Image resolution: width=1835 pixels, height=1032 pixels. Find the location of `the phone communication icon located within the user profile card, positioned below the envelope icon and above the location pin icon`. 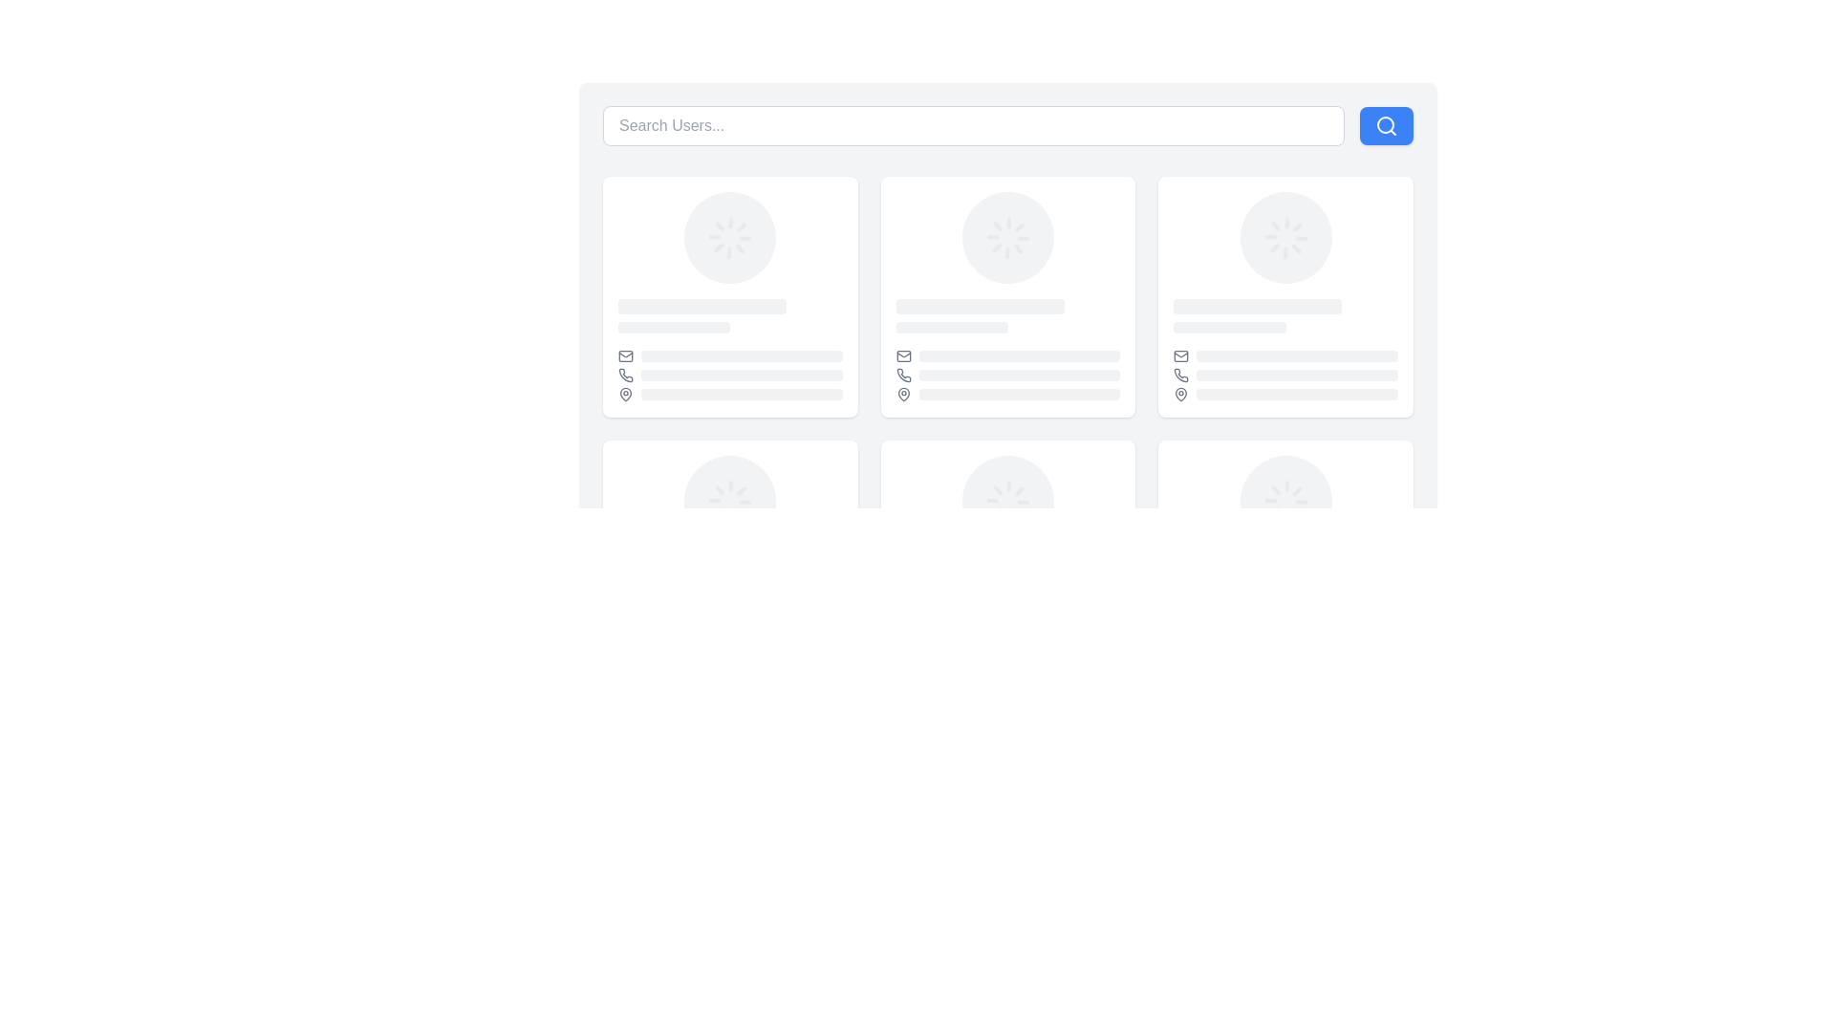

the phone communication icon located within the user profile card, positioned below the envelope icon and above the location pin icon is located at coordinates (626, 376).